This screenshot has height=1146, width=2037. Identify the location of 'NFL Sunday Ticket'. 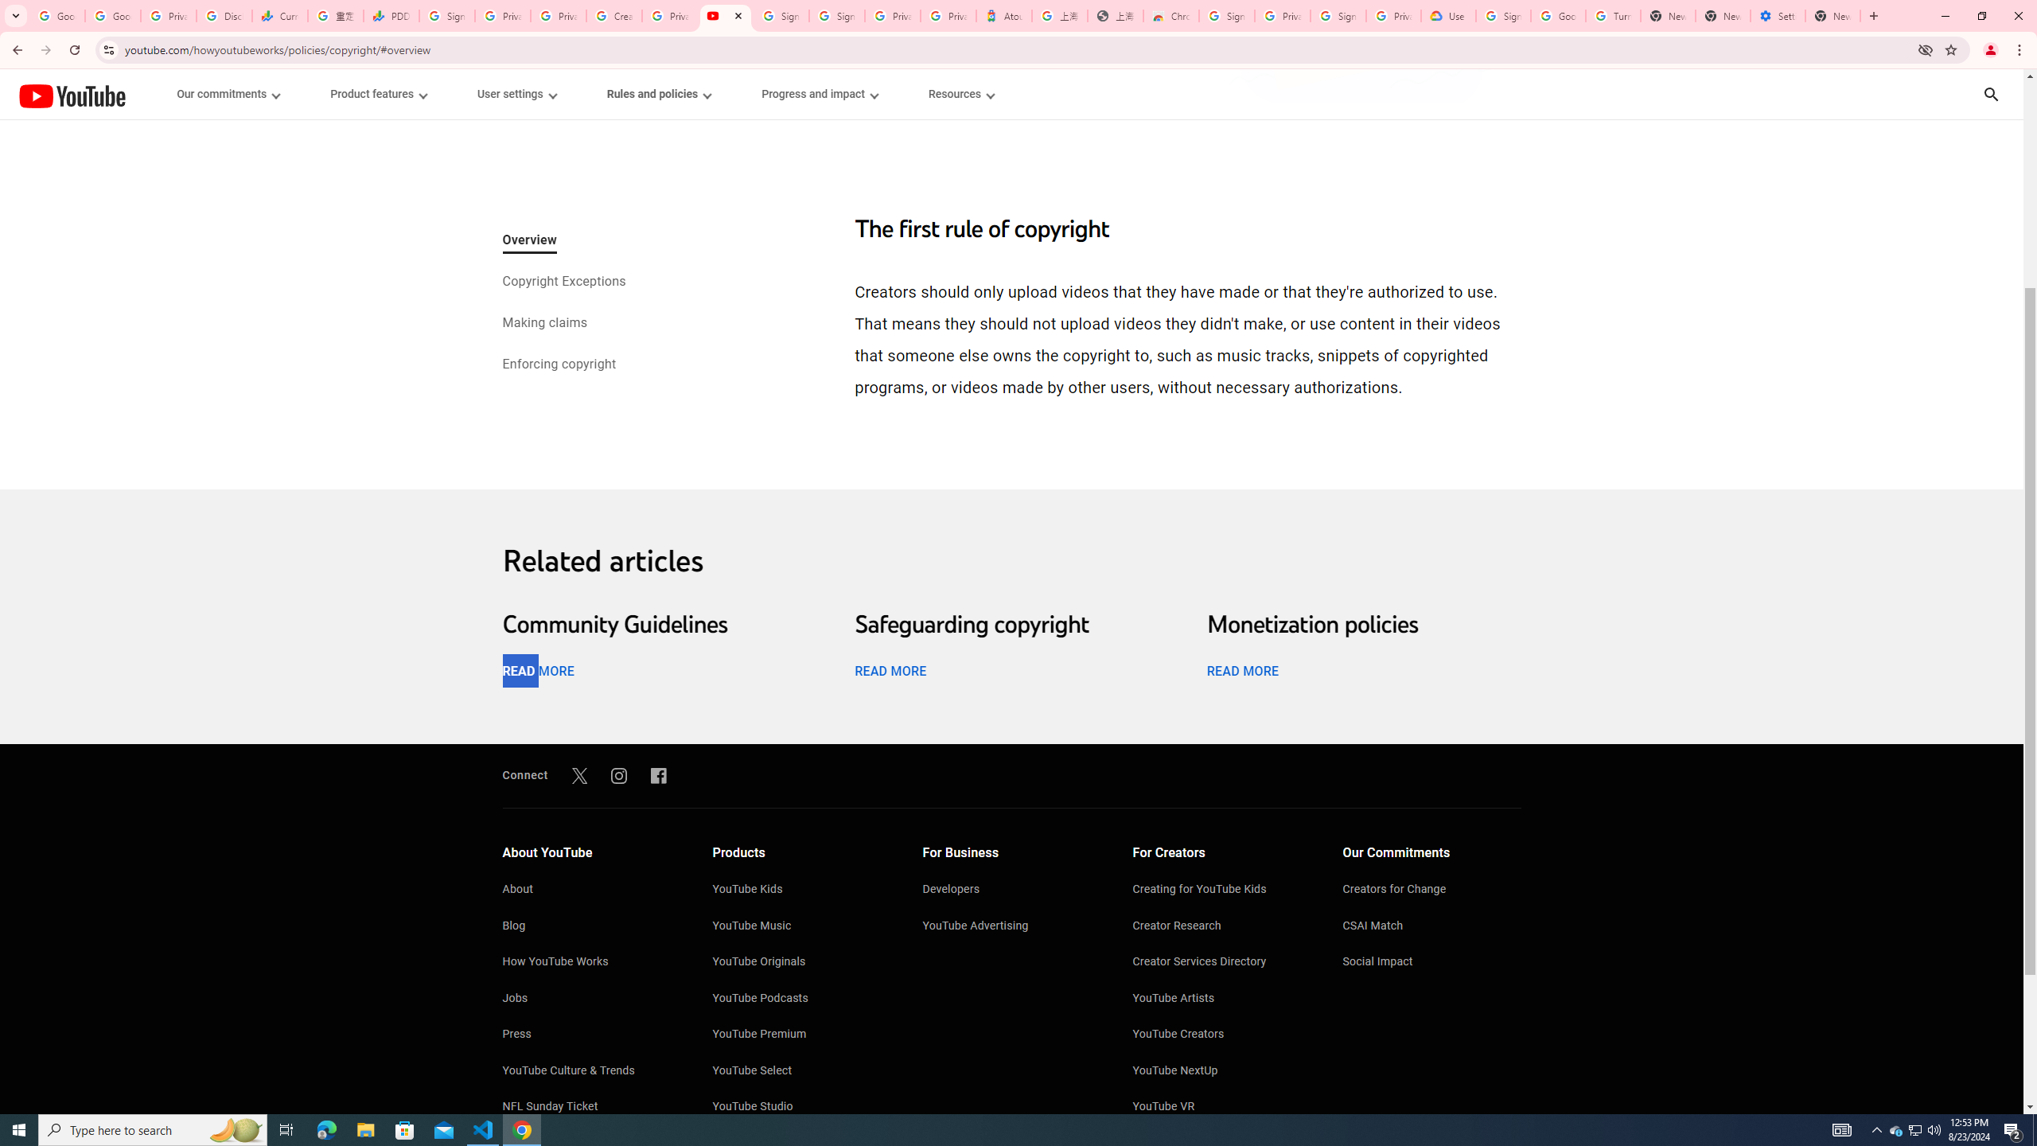
(590, 1107).